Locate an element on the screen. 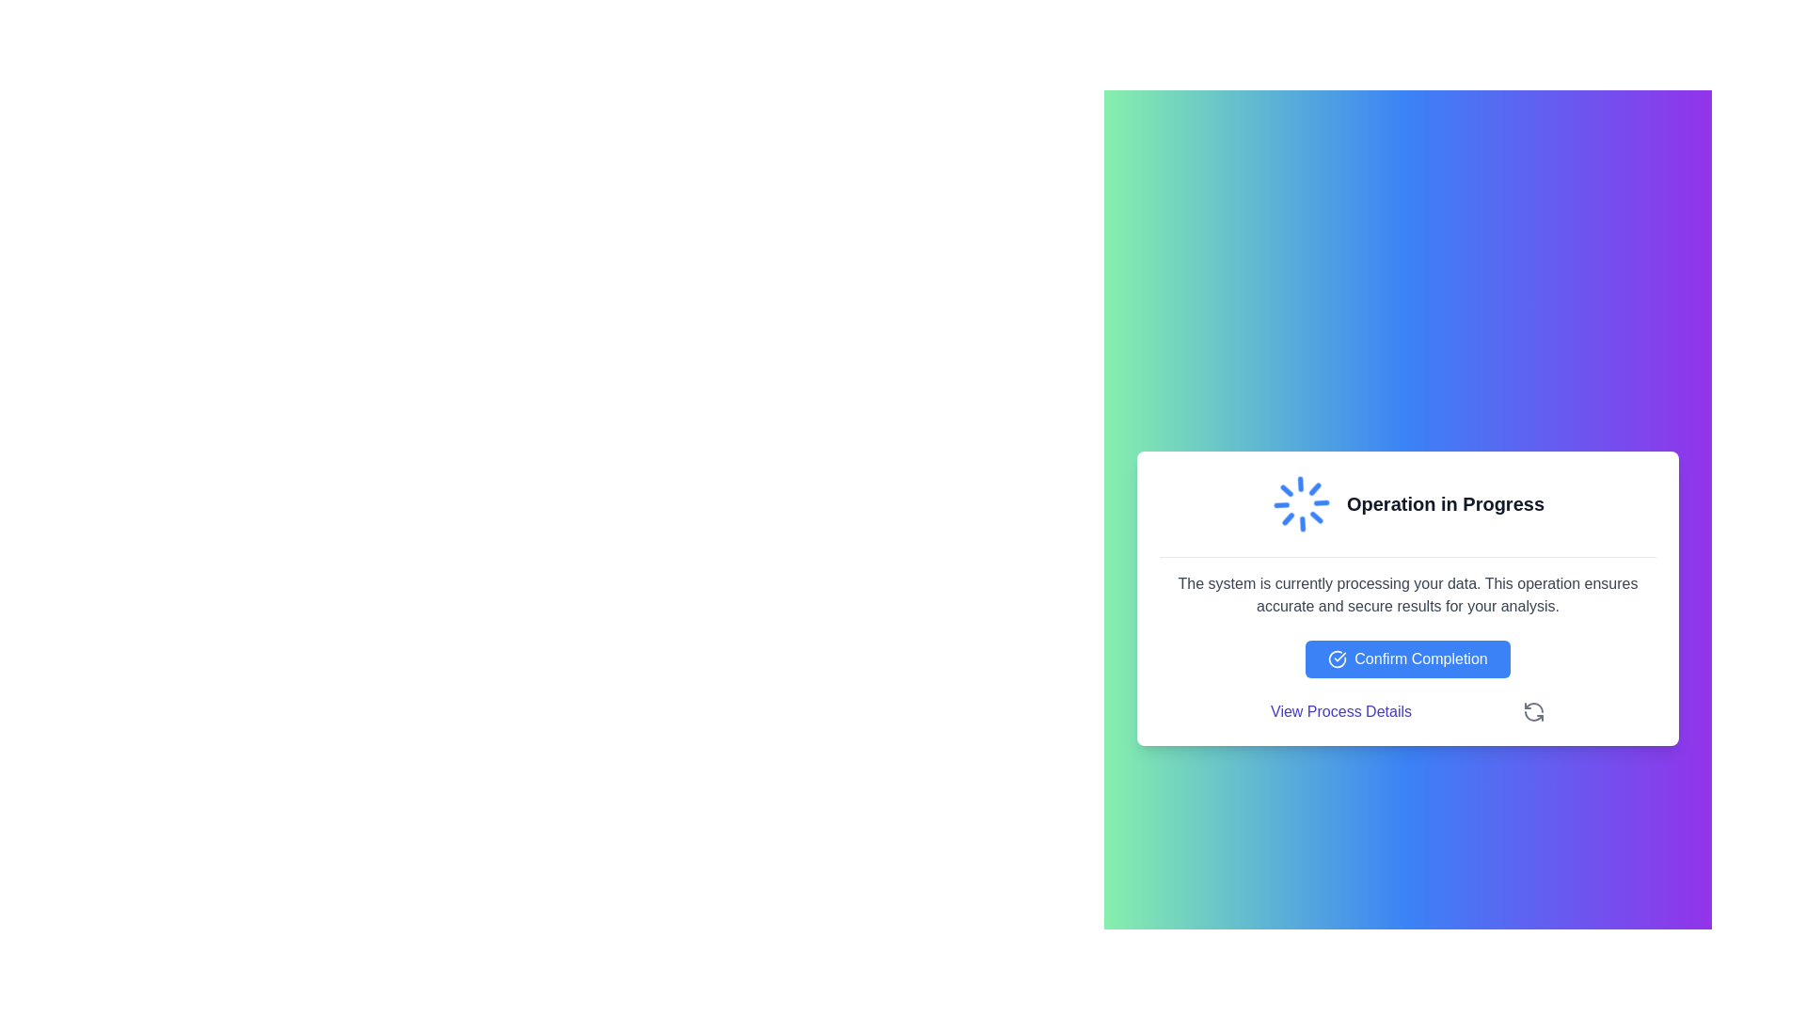 The width and height of the screenshot is (1806, 1016). the fourth segment of the rotating loader icon located in the lower-right quadrant of the circular animation is located at coordinates (1284, 491).